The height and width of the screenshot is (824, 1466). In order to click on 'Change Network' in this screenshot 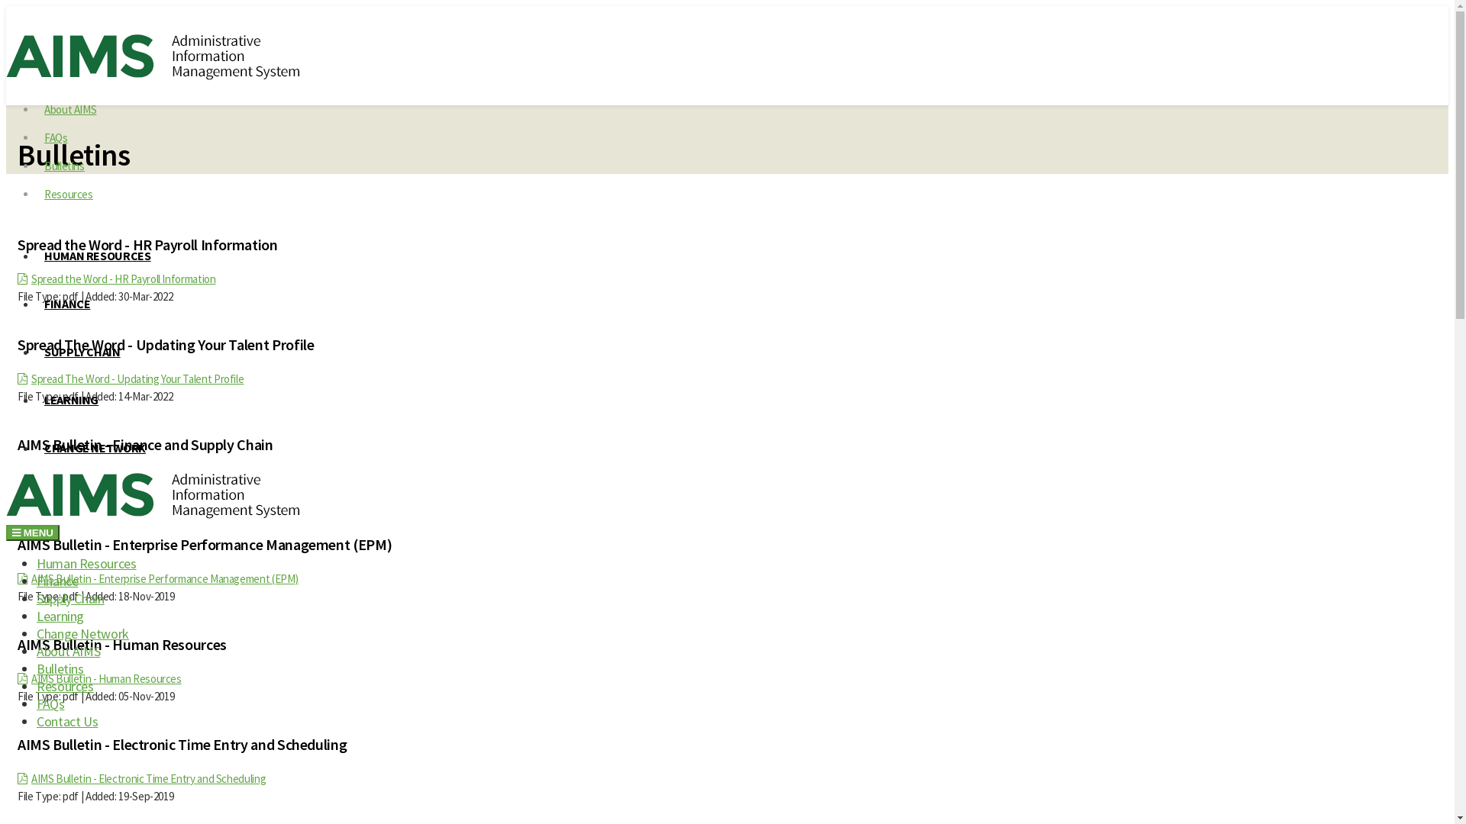, I will do `click(82, 633)`.